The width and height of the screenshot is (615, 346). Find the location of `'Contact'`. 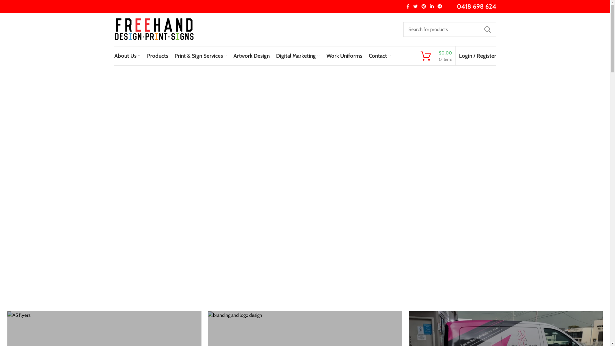

'Contact' is located at coordinates (380, 55).